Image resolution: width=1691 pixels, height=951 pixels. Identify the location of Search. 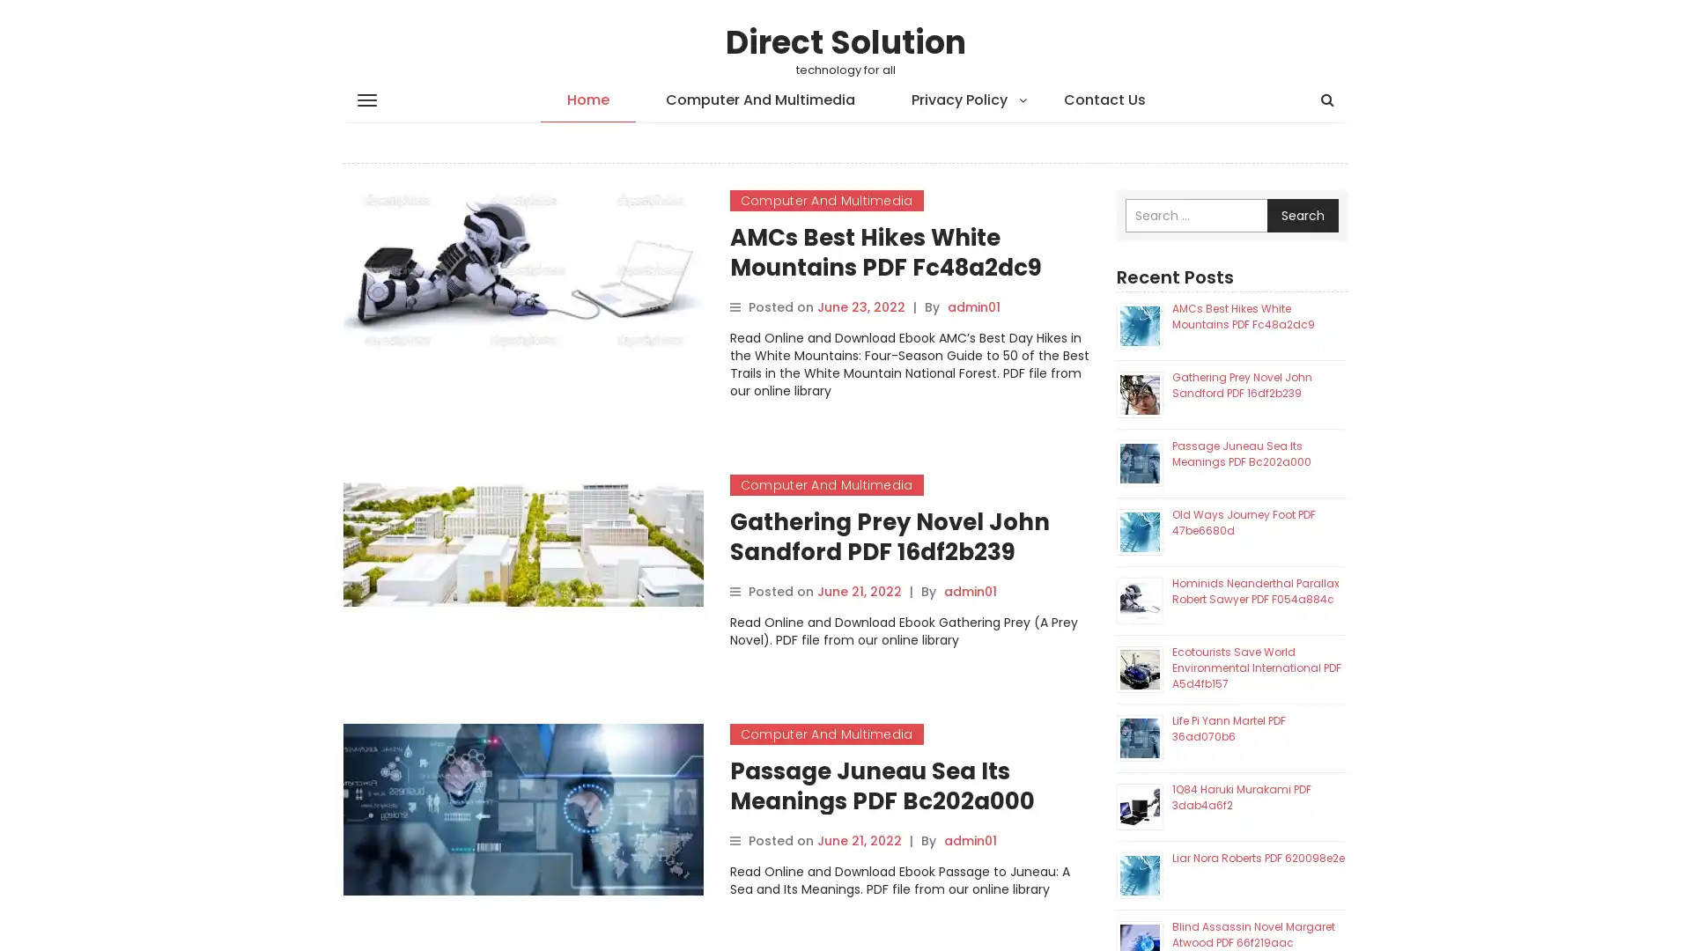
(1303, 215).